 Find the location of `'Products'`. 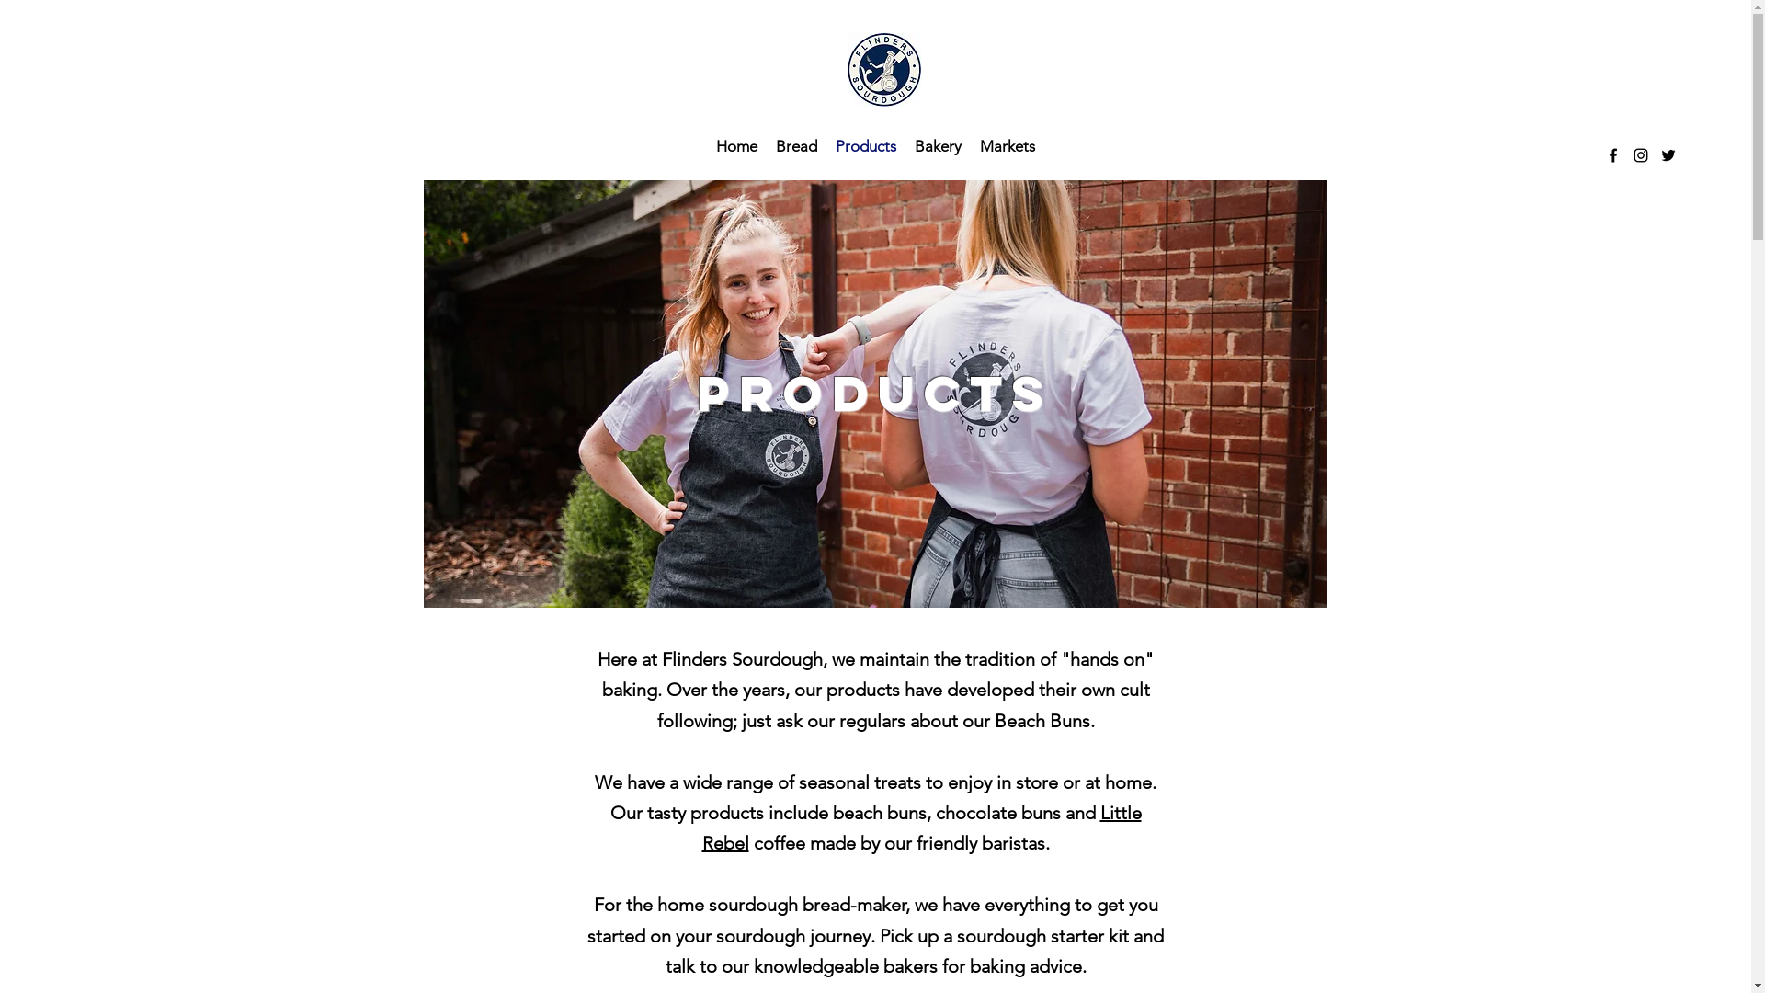

'Products' is located at coordinates (864, 144).